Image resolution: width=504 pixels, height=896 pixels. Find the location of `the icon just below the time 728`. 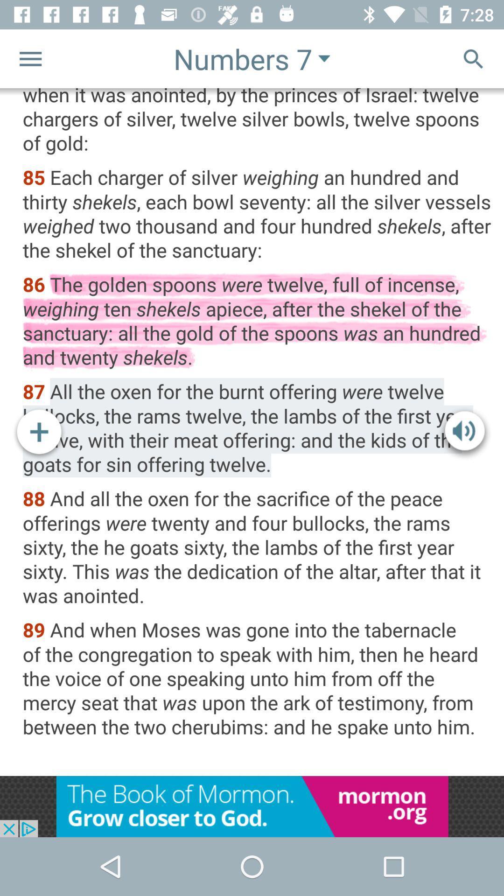

the icon just below the time 728 is located at coordinates (473, 58).